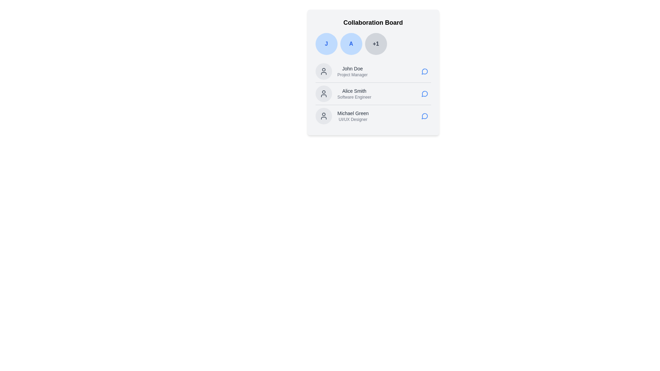  Describe the element at coordinates (353, 113) in the screenshot. I see `the text label displaying the name 'Michael Green' in the Collaboration Board section, which is located in the third row of the list` at that location.